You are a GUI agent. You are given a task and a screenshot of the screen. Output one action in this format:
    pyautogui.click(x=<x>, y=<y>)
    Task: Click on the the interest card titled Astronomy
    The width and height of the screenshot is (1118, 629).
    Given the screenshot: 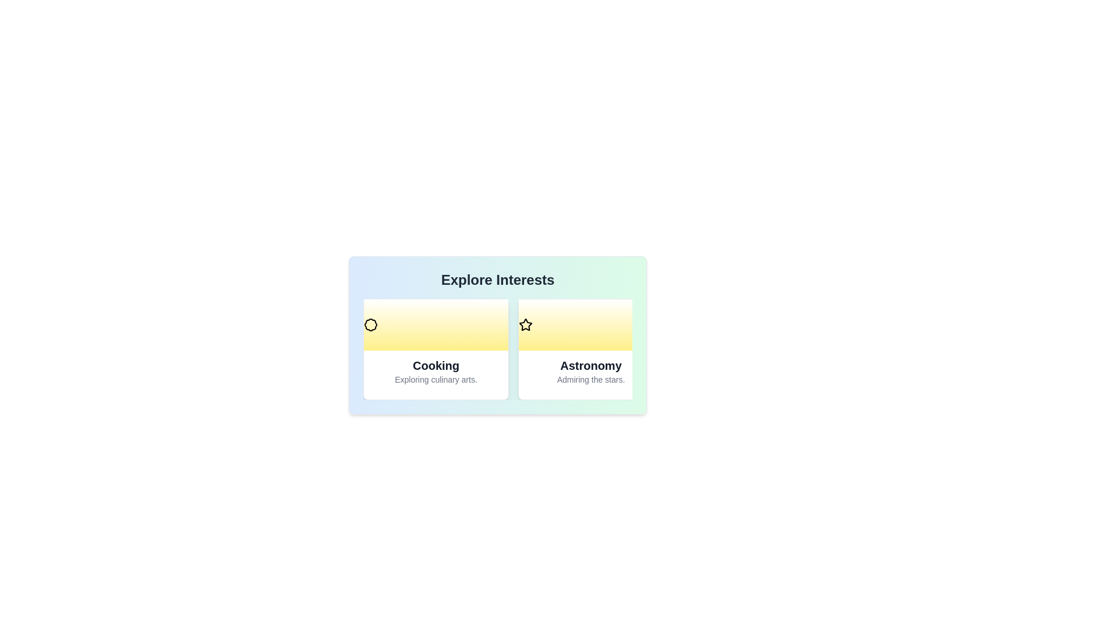 What is the action you would take?
    pyautogui.click(x=590, y=349)
    